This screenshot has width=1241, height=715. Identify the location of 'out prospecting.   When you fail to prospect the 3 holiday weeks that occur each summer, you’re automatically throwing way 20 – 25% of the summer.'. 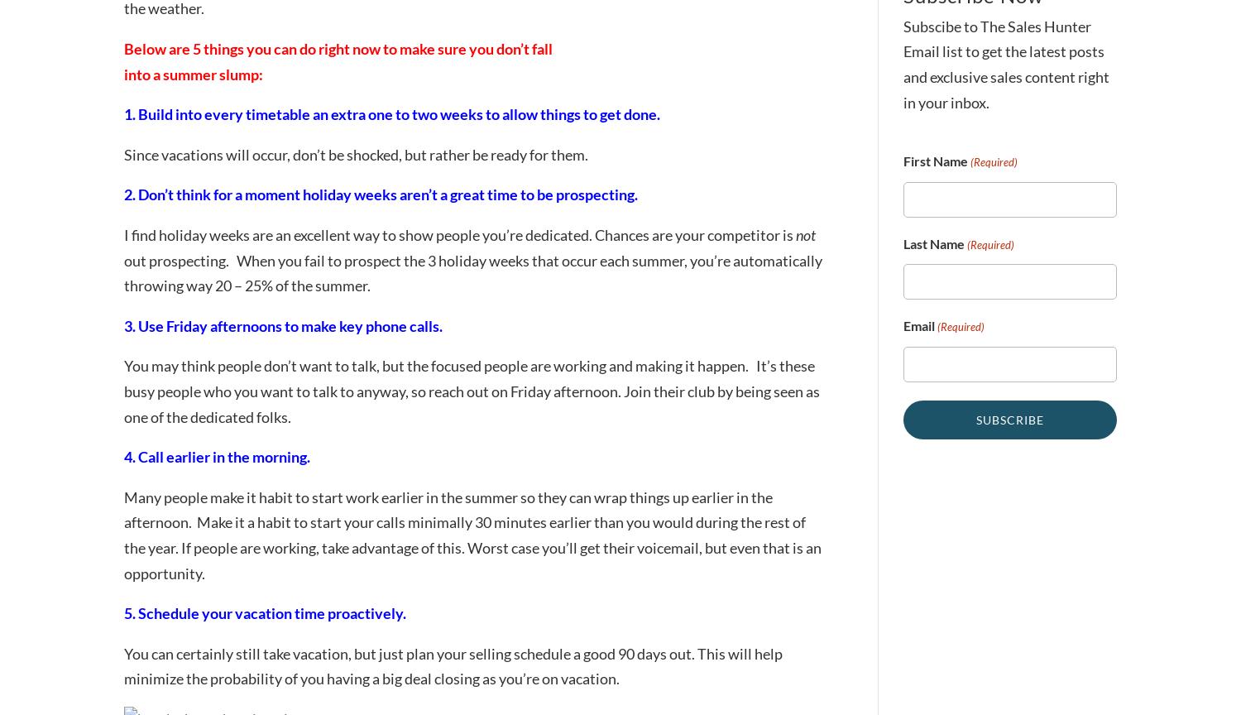
(124, 271).